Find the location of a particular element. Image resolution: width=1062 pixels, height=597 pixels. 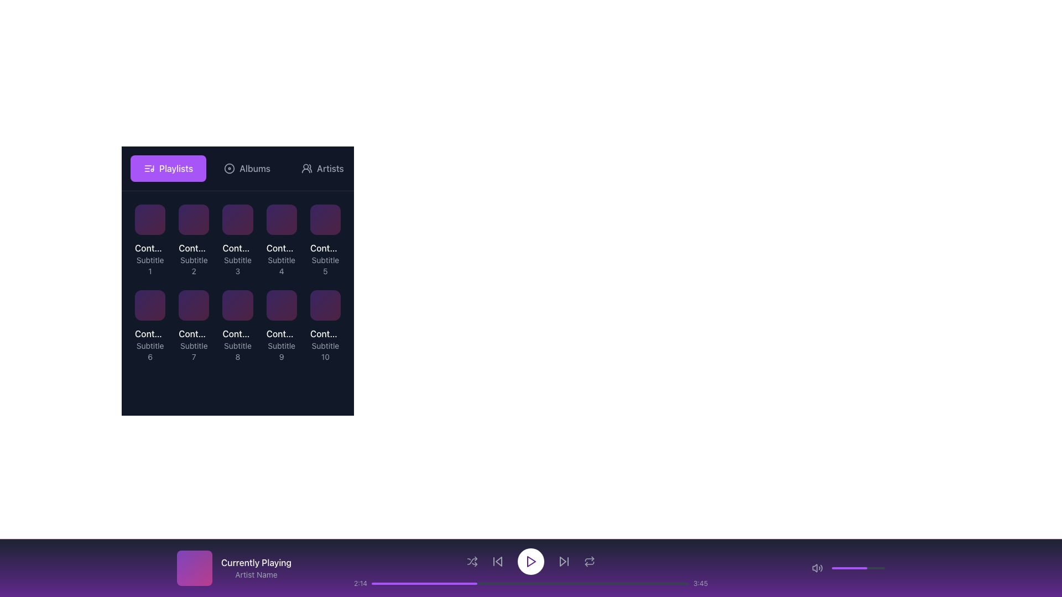

time-related value displayed on the static text label located on the far right of the horizontal row, adjacent to a similar timestamp and a progress bar is located at coordinates (700, 583).